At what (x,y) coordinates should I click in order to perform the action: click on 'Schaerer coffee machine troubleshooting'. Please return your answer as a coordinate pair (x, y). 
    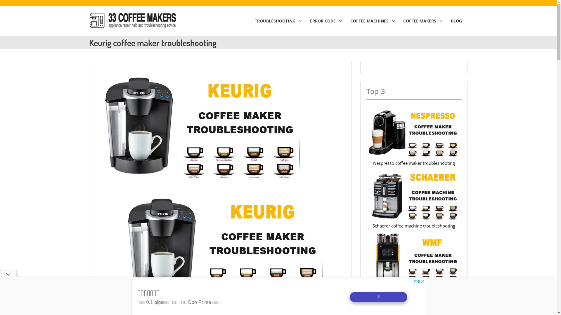
    Looking at the image, I should click on (413, 225).